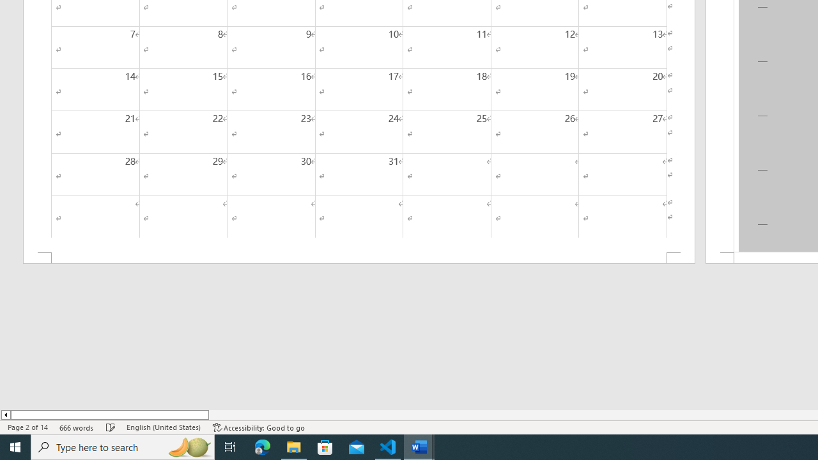 The width and height of the screenshot is (818, 460). Describe the element at coordinates (163, 427) in the screenshot. I see `'Language English (United States)'` at that location.